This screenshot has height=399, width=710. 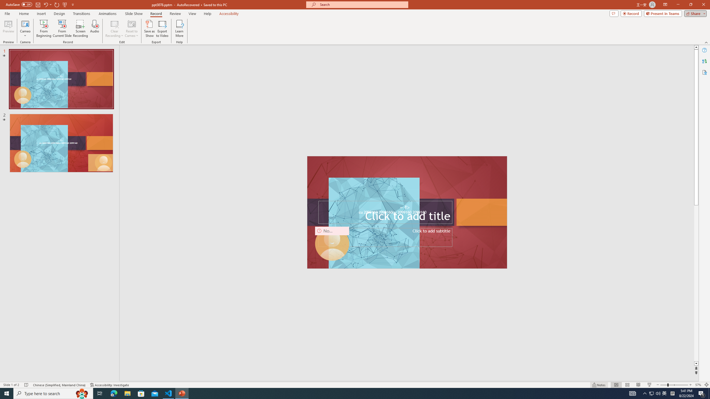 What do you see at coordinates (385, 212) in the screenshot?
I see `'Title TextBox'` at bounding box center [385, 212].